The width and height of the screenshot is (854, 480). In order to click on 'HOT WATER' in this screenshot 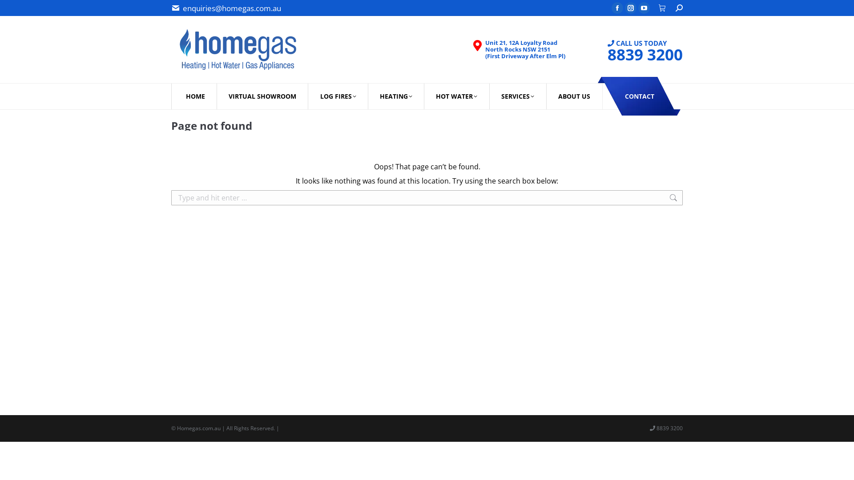, I will do `click(457, 96)`.